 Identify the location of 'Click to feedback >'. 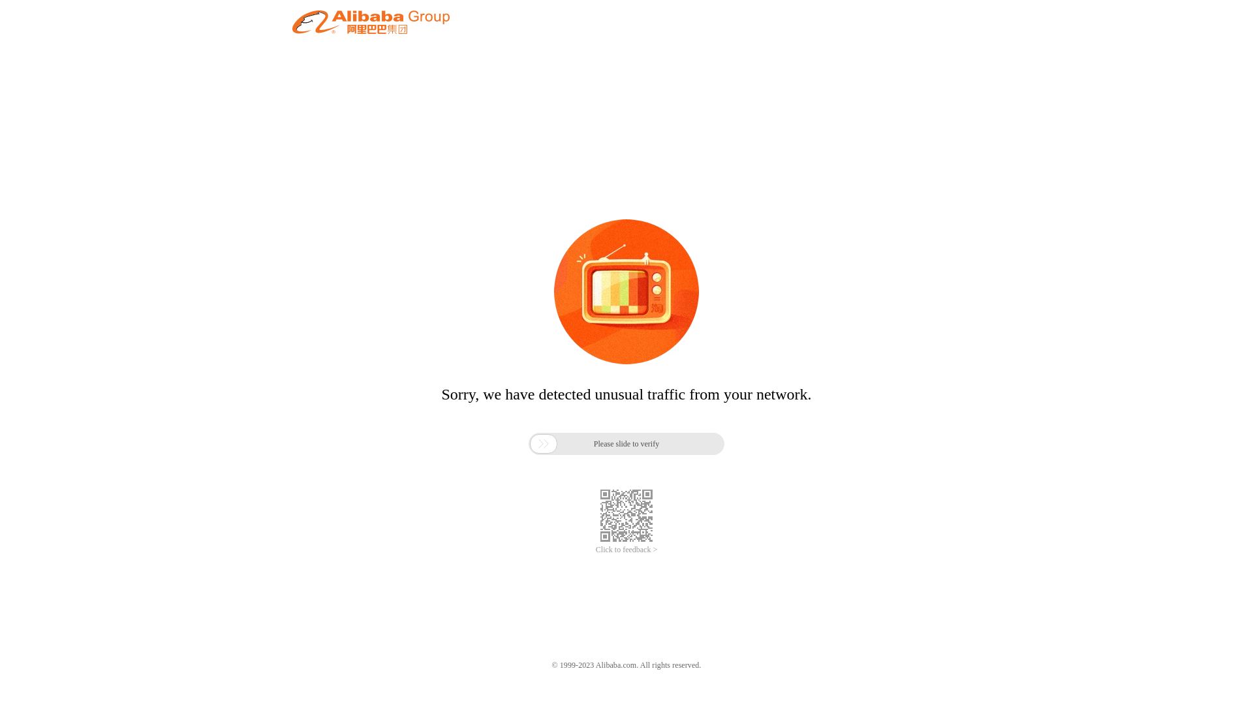
(626, 550).